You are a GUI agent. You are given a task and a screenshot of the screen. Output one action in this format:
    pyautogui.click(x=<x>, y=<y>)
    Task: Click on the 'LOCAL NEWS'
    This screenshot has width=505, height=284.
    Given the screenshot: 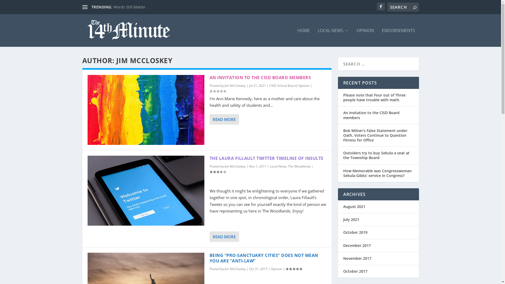 What is the action you would take?
    pyautogui.click(x=333, y=37)
    